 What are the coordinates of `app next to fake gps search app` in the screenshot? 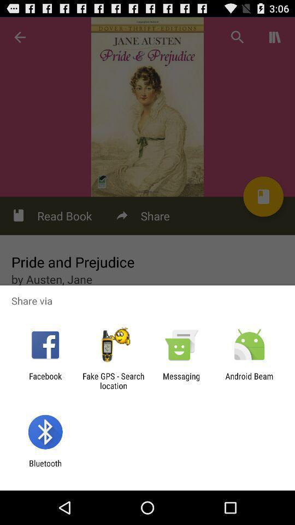 It's located at (45, 381).